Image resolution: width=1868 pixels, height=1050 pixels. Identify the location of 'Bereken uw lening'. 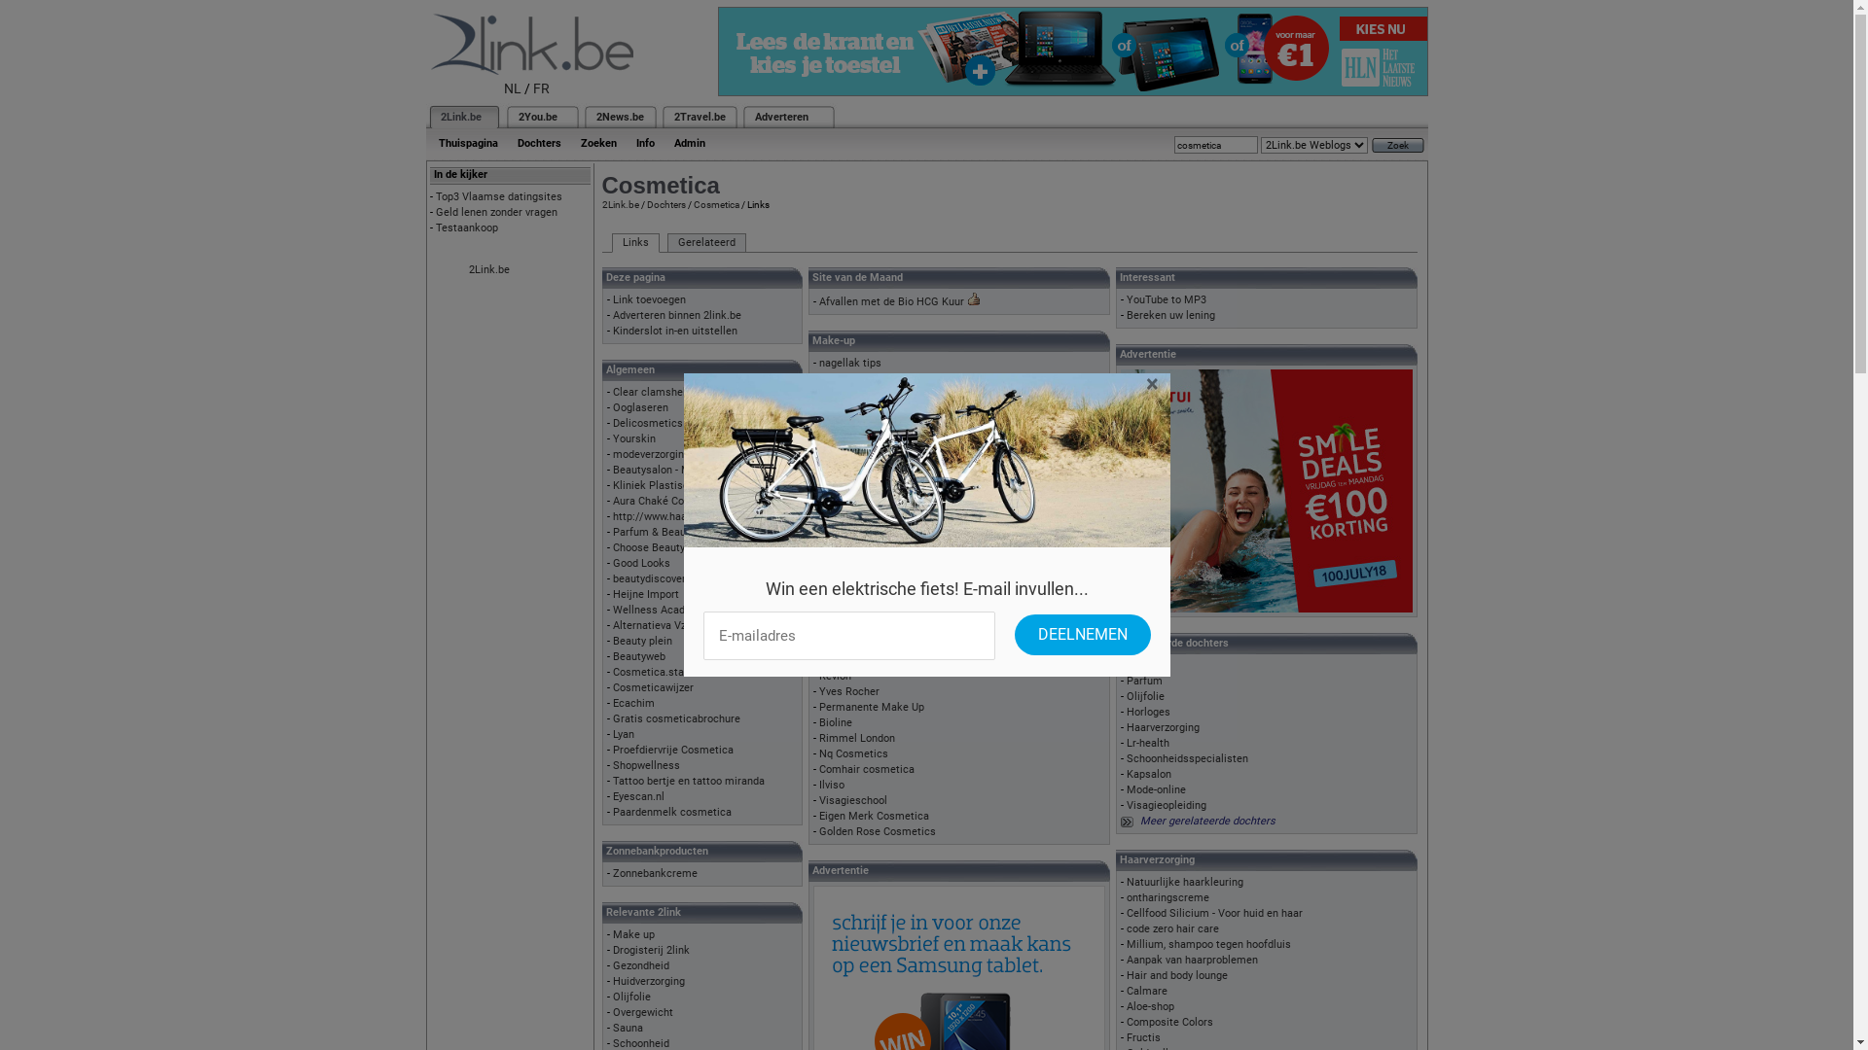
(1169, 314).